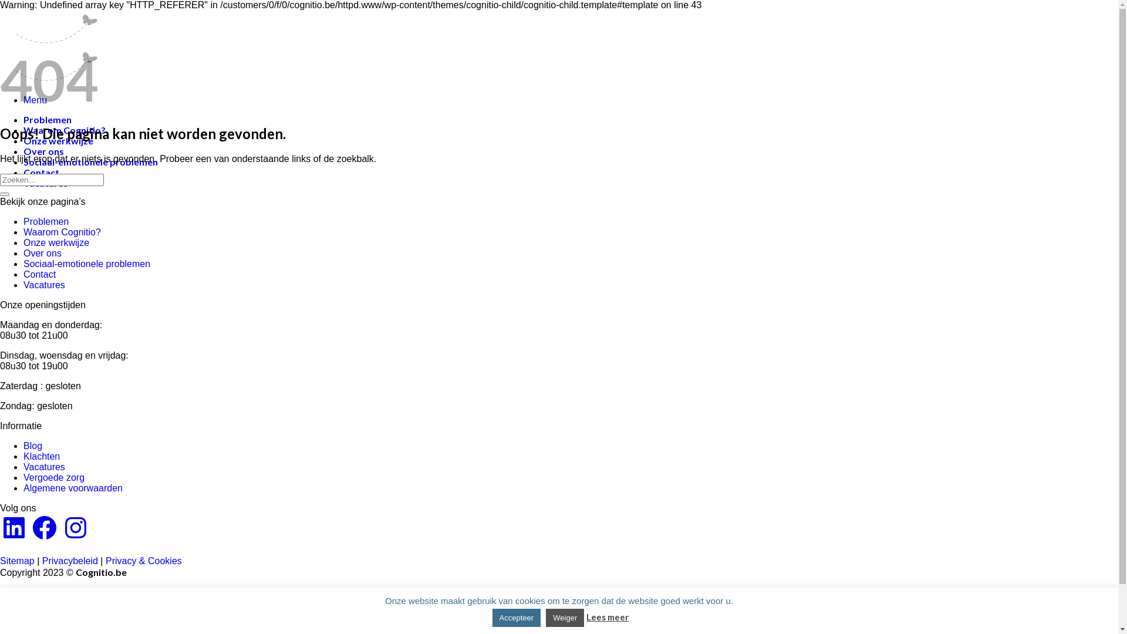  I want to click on 'Instagram', so click(75, 527).